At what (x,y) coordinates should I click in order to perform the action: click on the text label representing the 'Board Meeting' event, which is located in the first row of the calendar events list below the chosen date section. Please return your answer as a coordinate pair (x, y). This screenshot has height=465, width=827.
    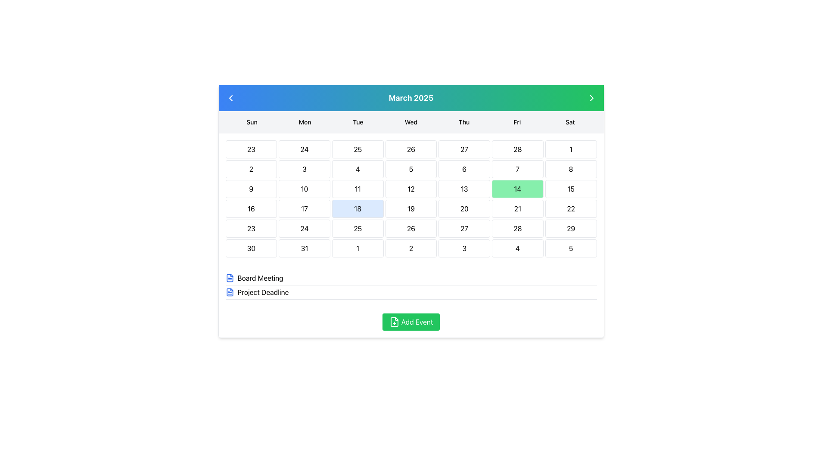
    Looking at the image, I should click on (260, 278).